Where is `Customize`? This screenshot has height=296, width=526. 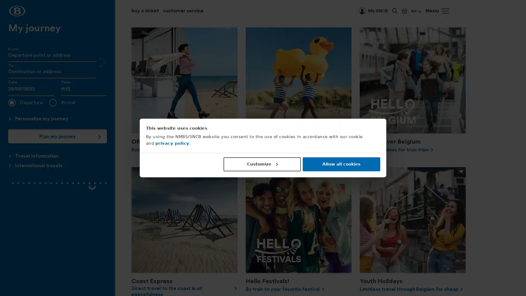
Customize is located at coordinates (261, 164).